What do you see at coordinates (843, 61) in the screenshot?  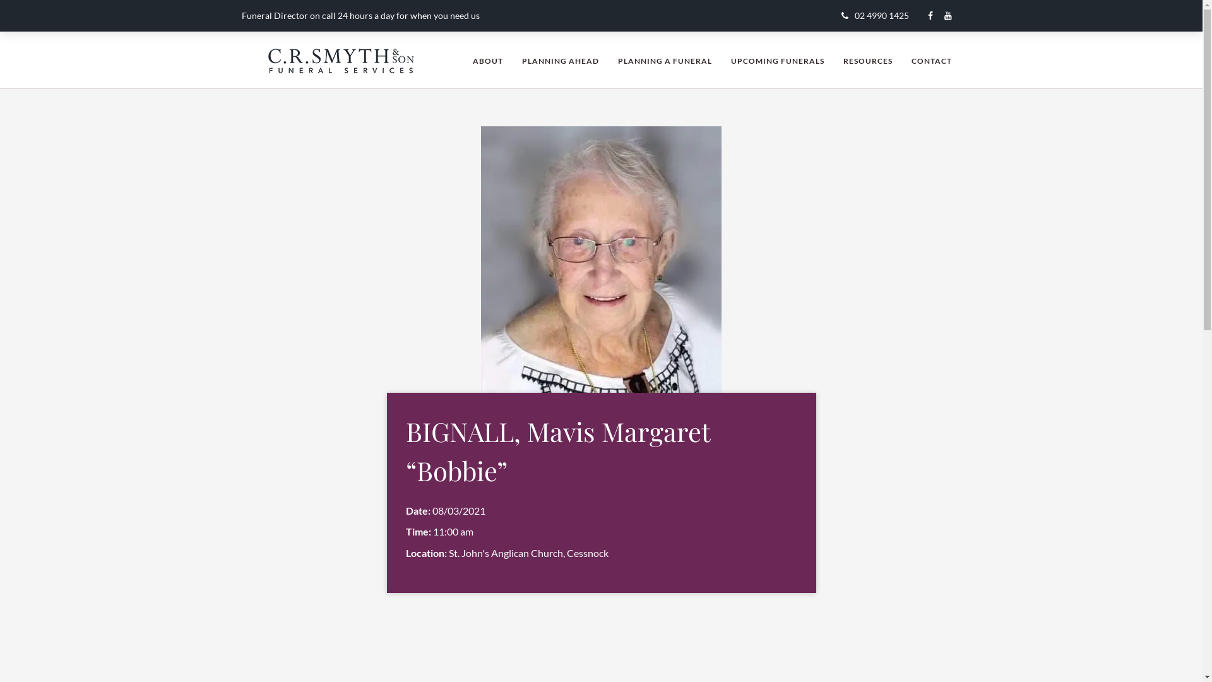 I see `'RESOURCES'` at bounding box center [843, 61].